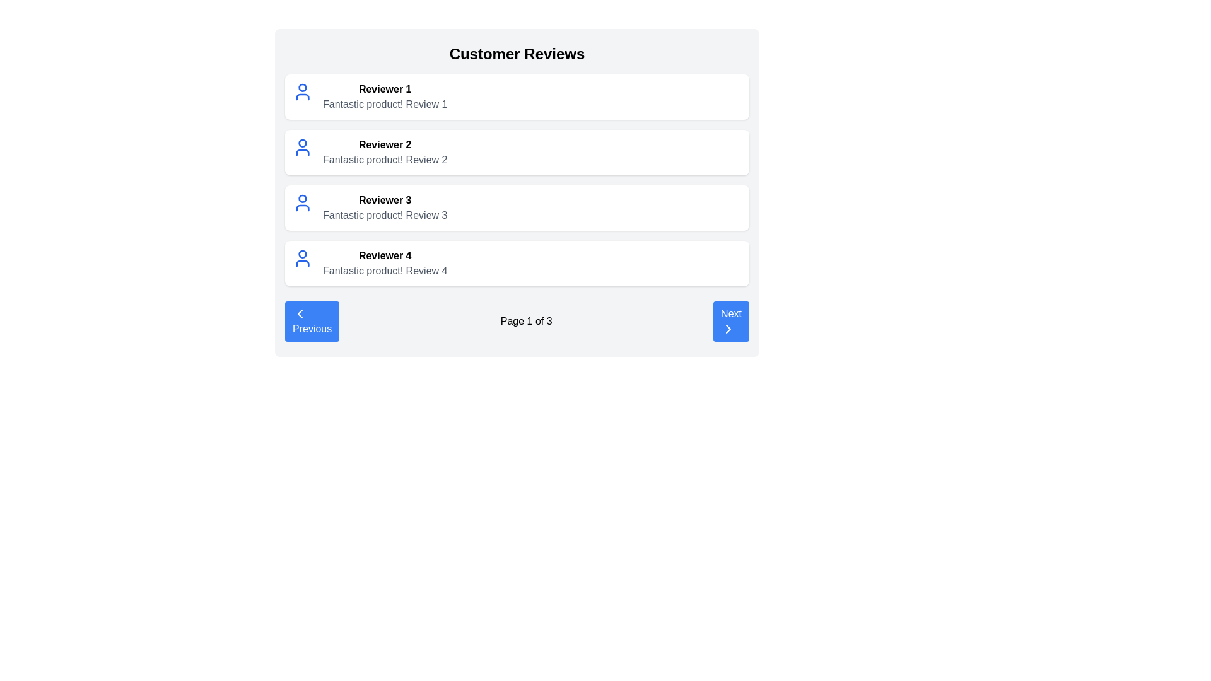  What do you see at coordinates (517, 53) in the screenshot?
I see `the bold header text labeled 'Customer Reviews' which is prominently displayed at the top of its section with a light gray background` at bounding box center [517, 53].